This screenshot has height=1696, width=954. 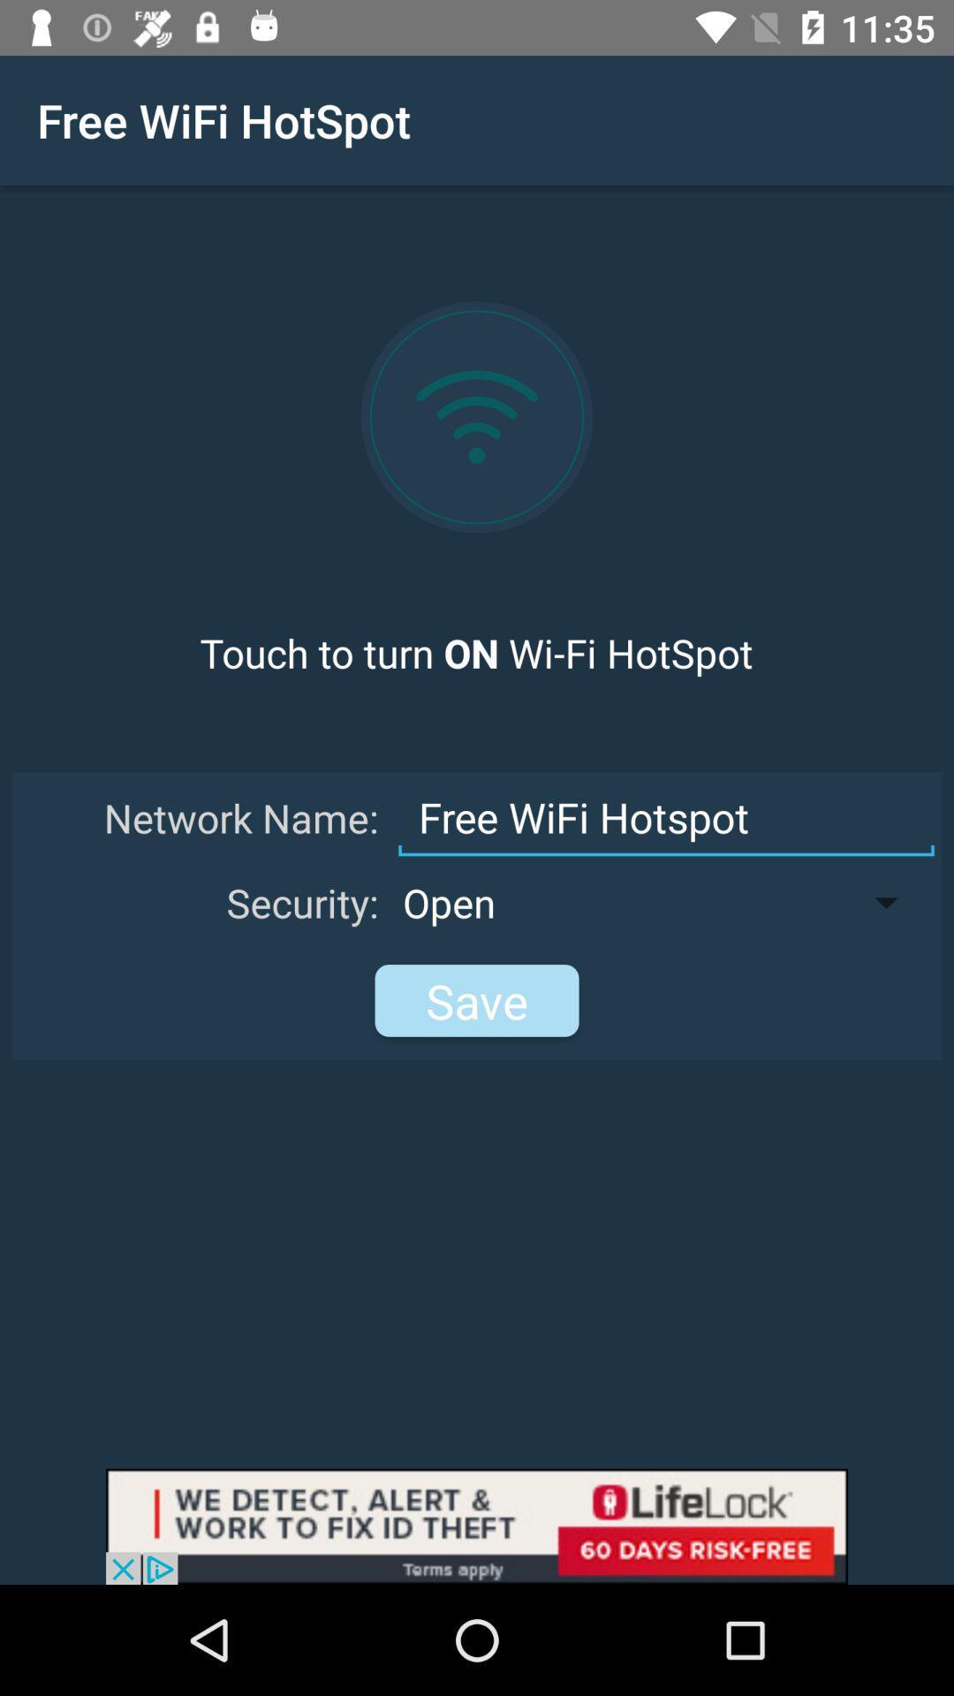 What do you see at coordinates (477, 1526) in the screenshot?
I see `click box` at bounding box center [477, 1526].